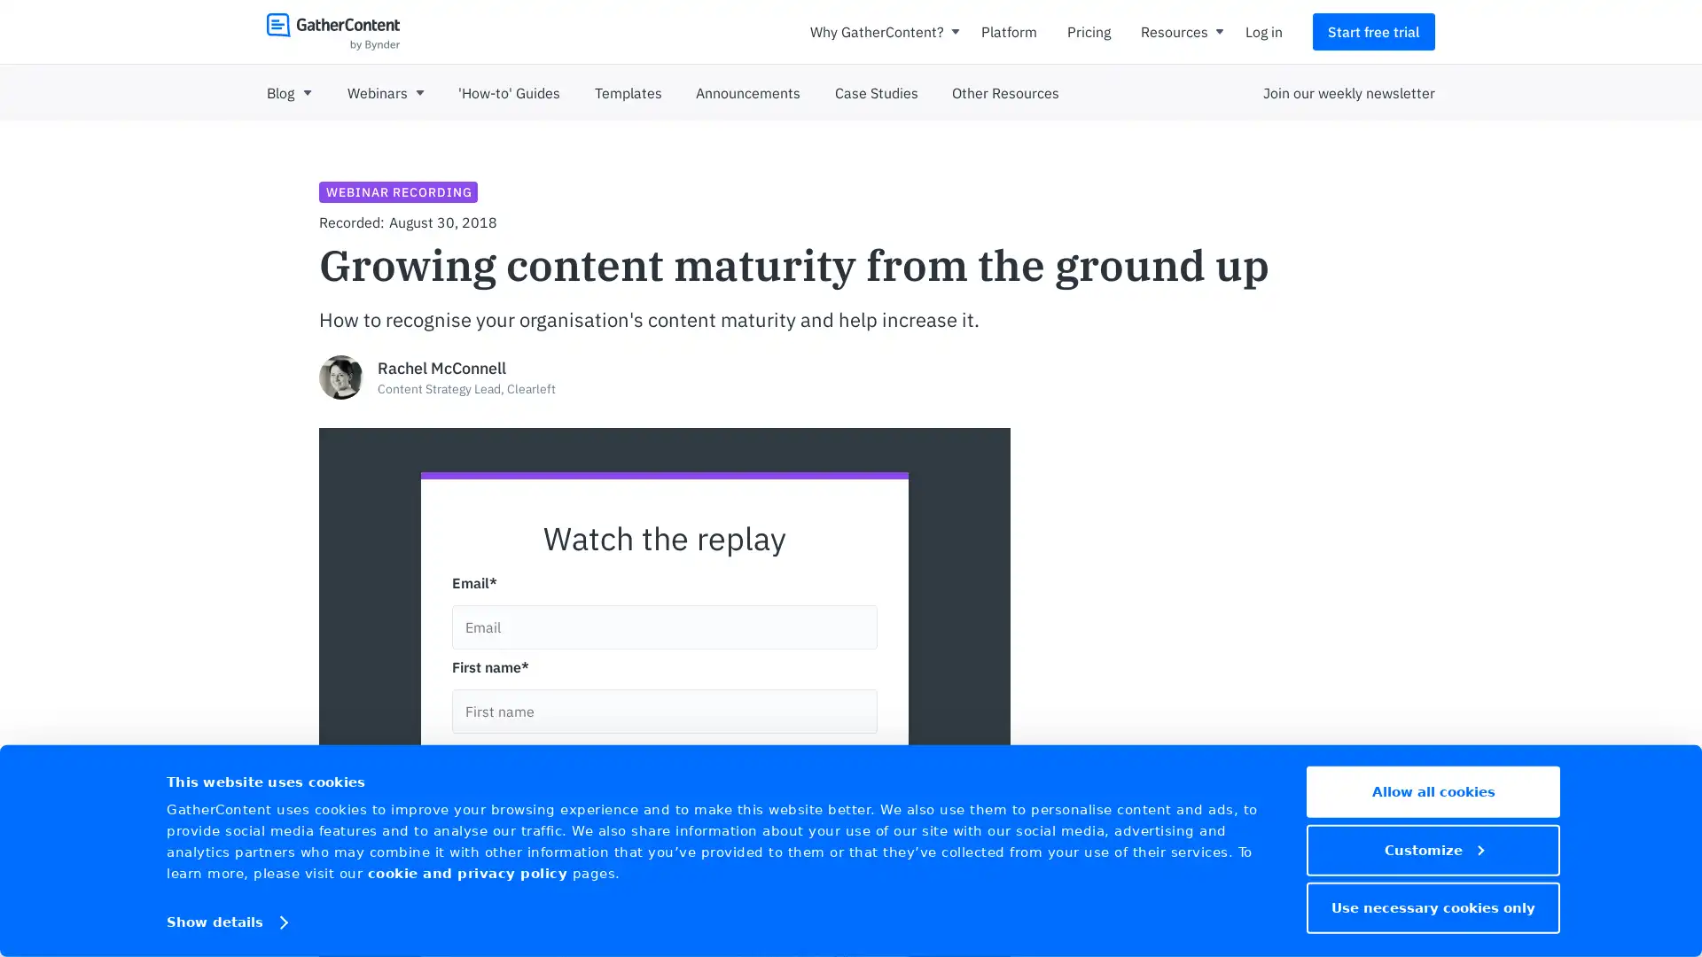 This screenshot has height=957, width=1702. What do you see at coordinates (1433, 790) in the screenshot?
I see `Allow all cookies` at bounding box center [1433, 790].